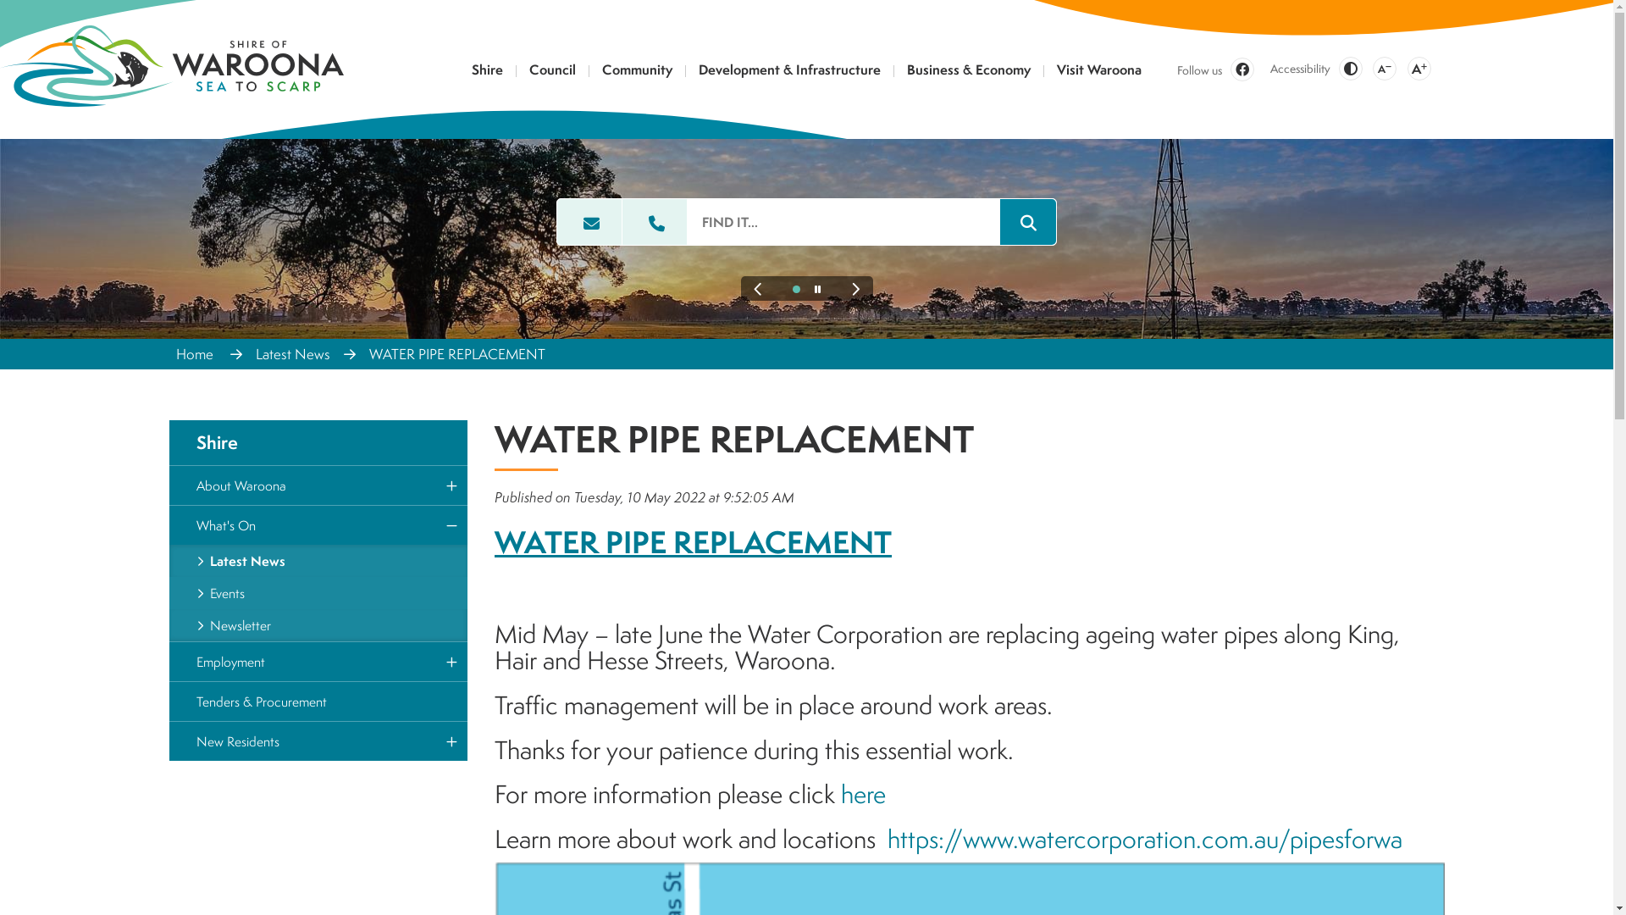 The width and height of the screenshot is (1626, 915). Describe the element at coordinates (1348, 68) in the screenshot. I see `'Change Colour Contrast'` at that location.